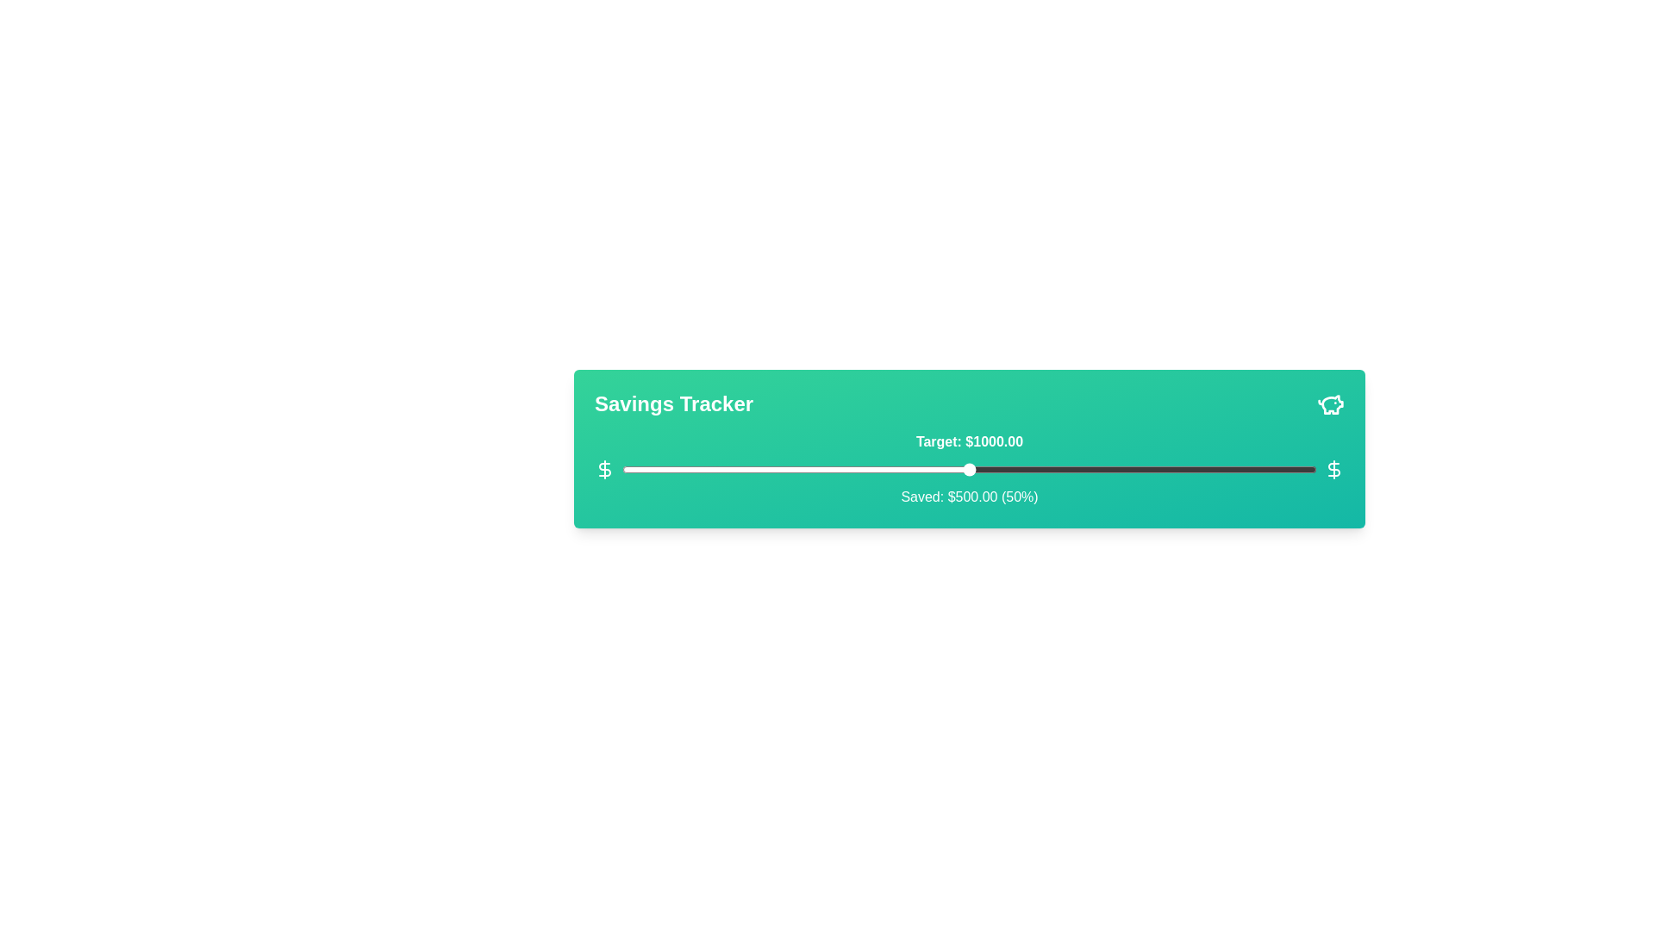 This screenshot has height=931, width=1655. Describe the element at coordinates (1183, 469) in the screenshot. I see `the savings tracker` at that location.